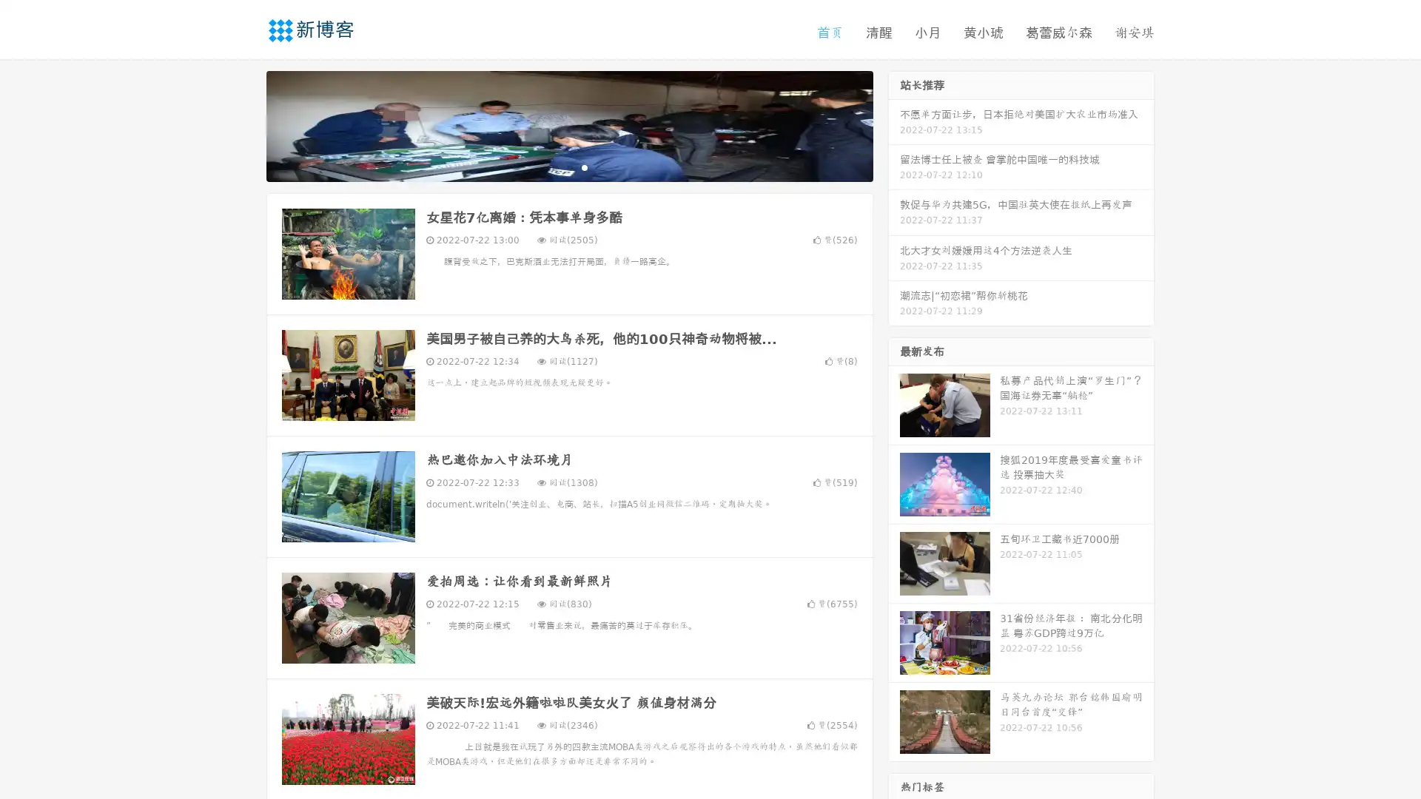 The width and height of the screenshot is (1421, 799). What do you see at coordinates (568, 166) in the screenshot?
I see `Go to slide 2` at bounding box center [568, 166].